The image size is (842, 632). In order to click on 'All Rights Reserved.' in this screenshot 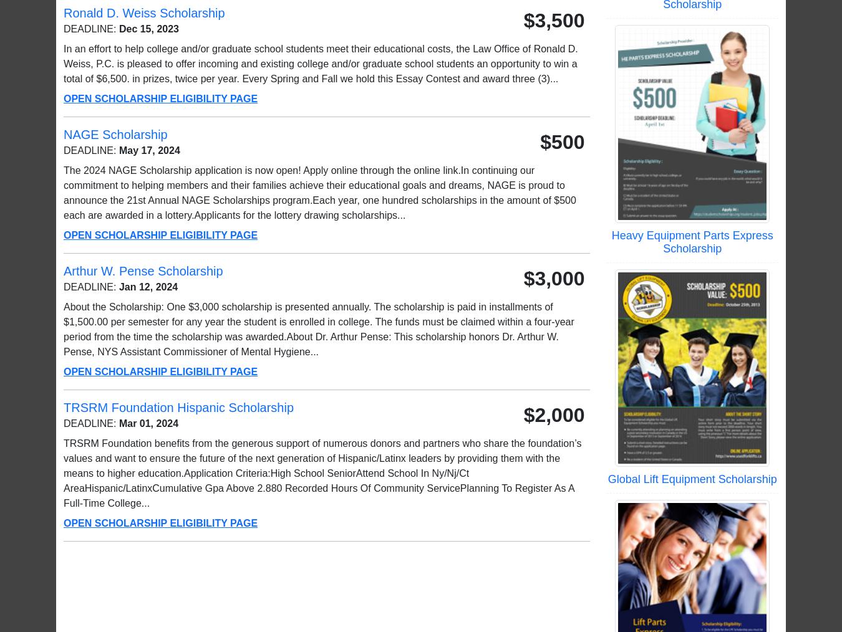, I will do `click(738, 597)`.